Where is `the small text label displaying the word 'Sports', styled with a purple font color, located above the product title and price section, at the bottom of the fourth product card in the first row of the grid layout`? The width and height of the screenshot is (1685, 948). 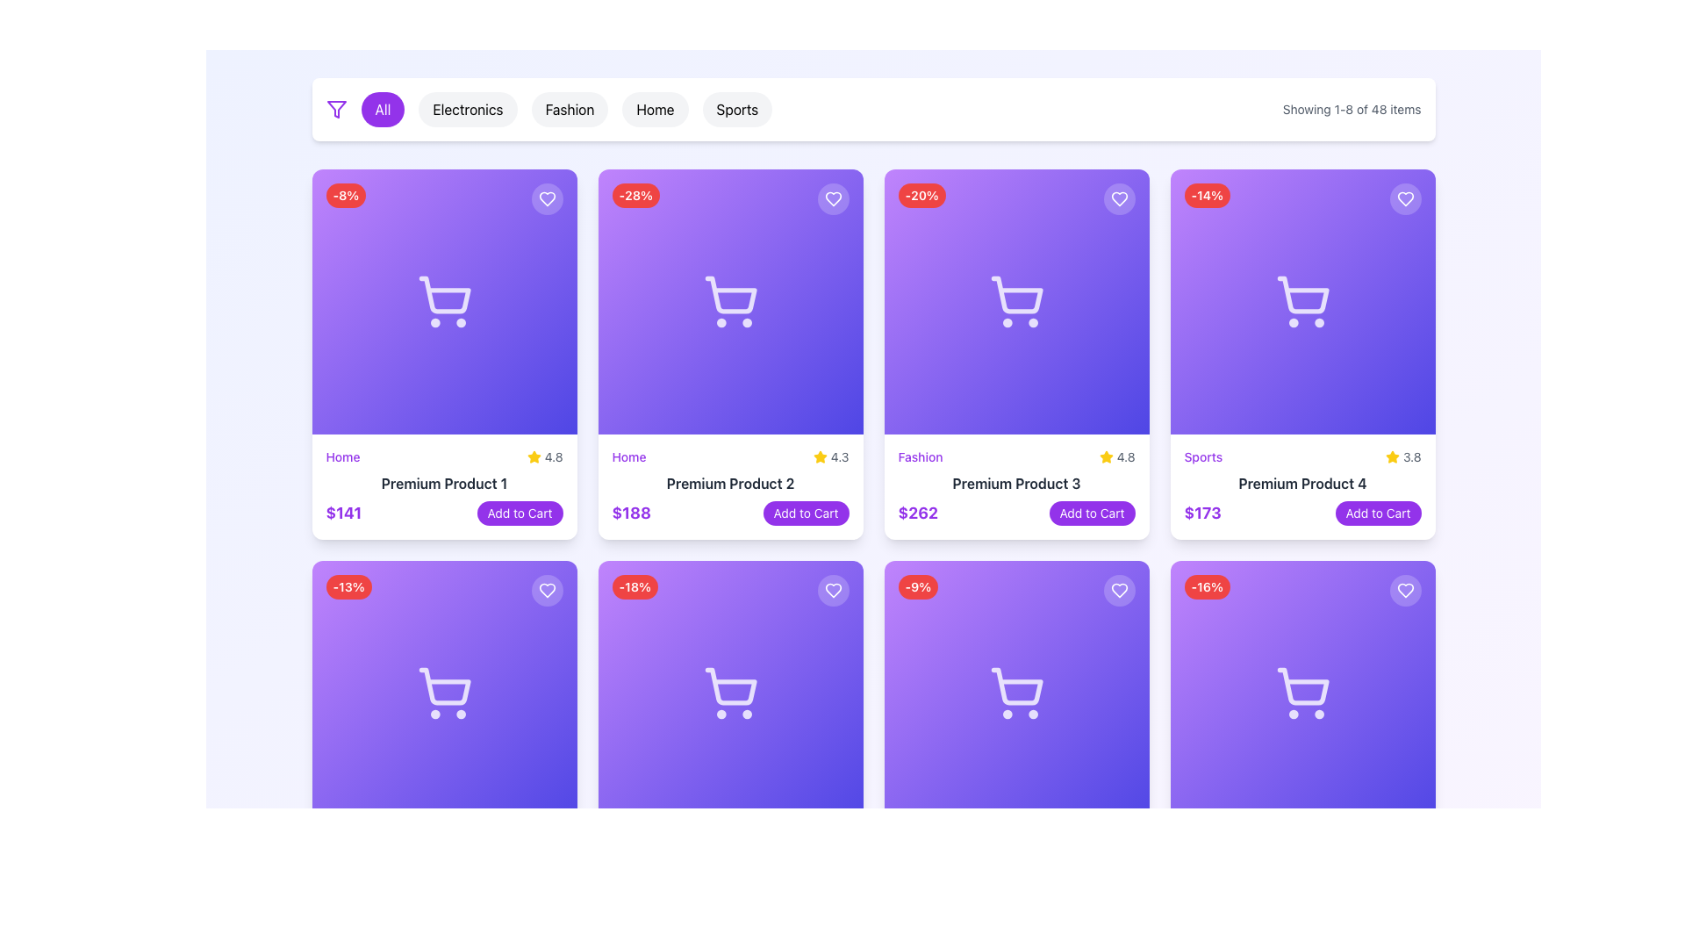
the small text label displaying the word 'Sports', styled with a purple font color, located above the product title and price section, at the bottom of the fourth product card in the first row of the grid layout is located at coordinates (1202, 456).